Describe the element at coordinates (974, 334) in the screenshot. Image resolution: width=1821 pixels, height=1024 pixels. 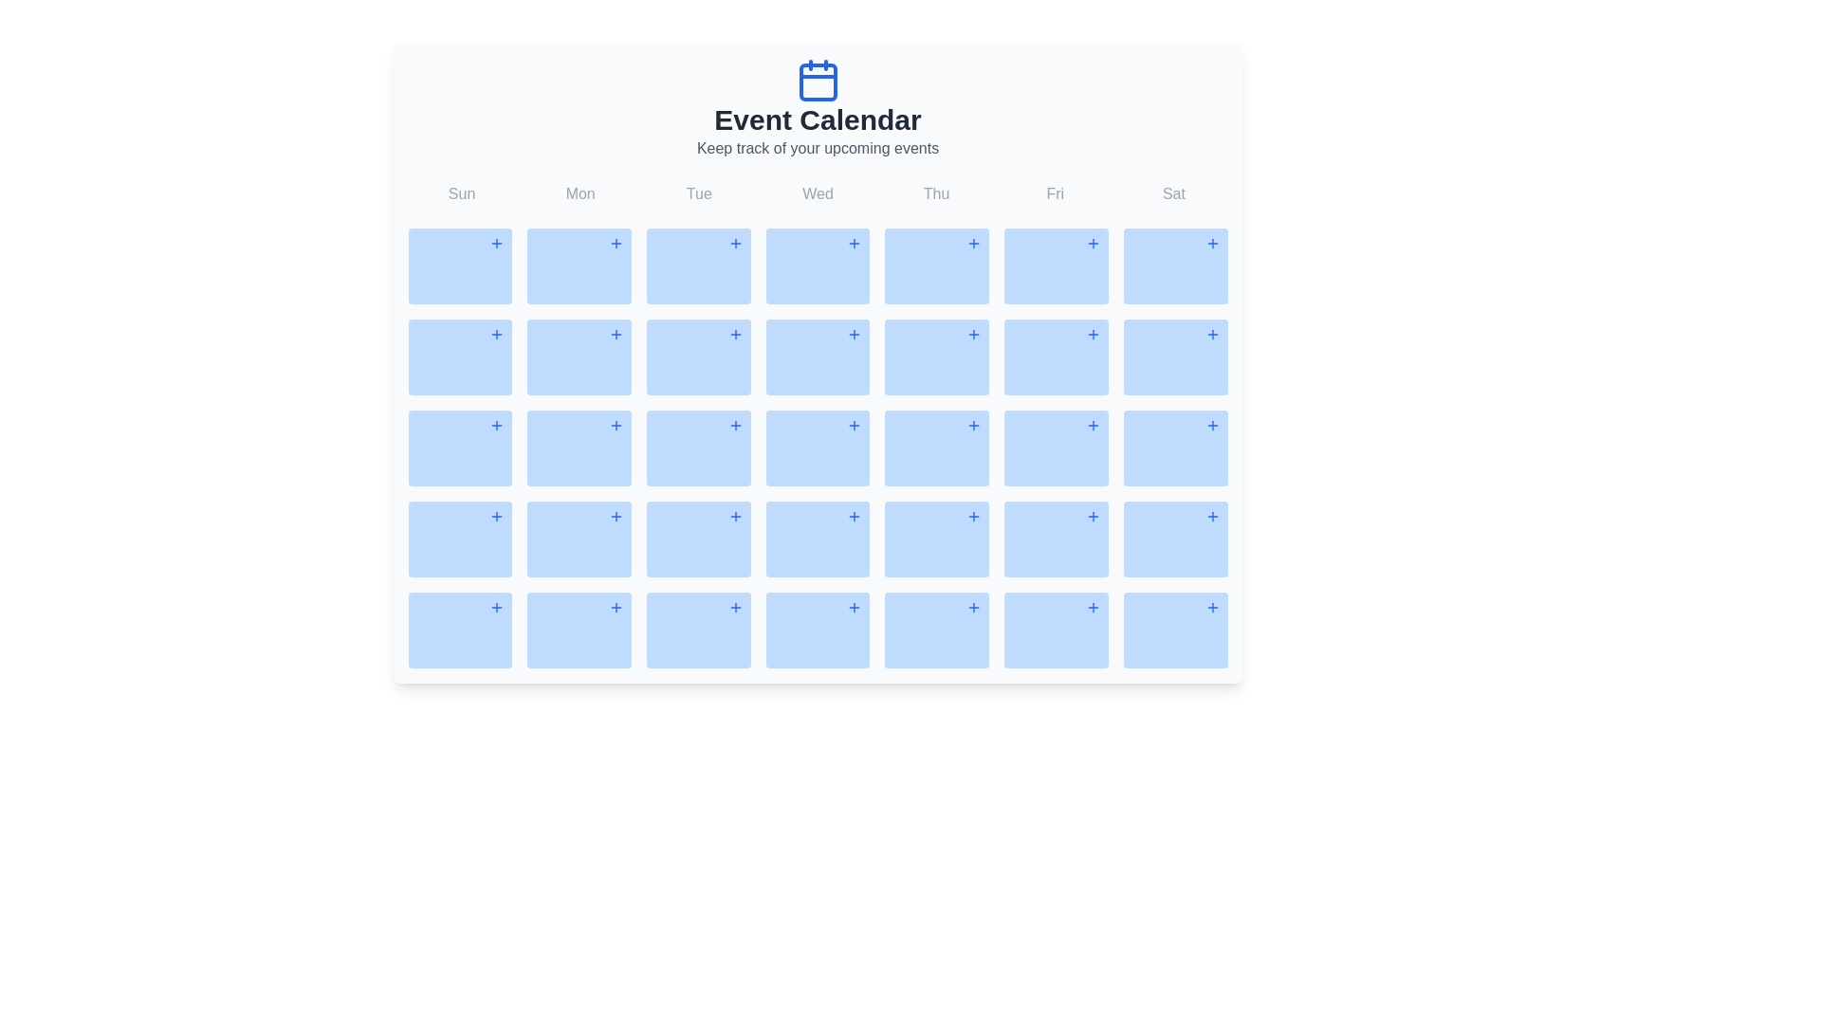
I see `the small blue circular button with a white plus icon located at the top-right corner of the 'Thursday' calendar cell` at that location.